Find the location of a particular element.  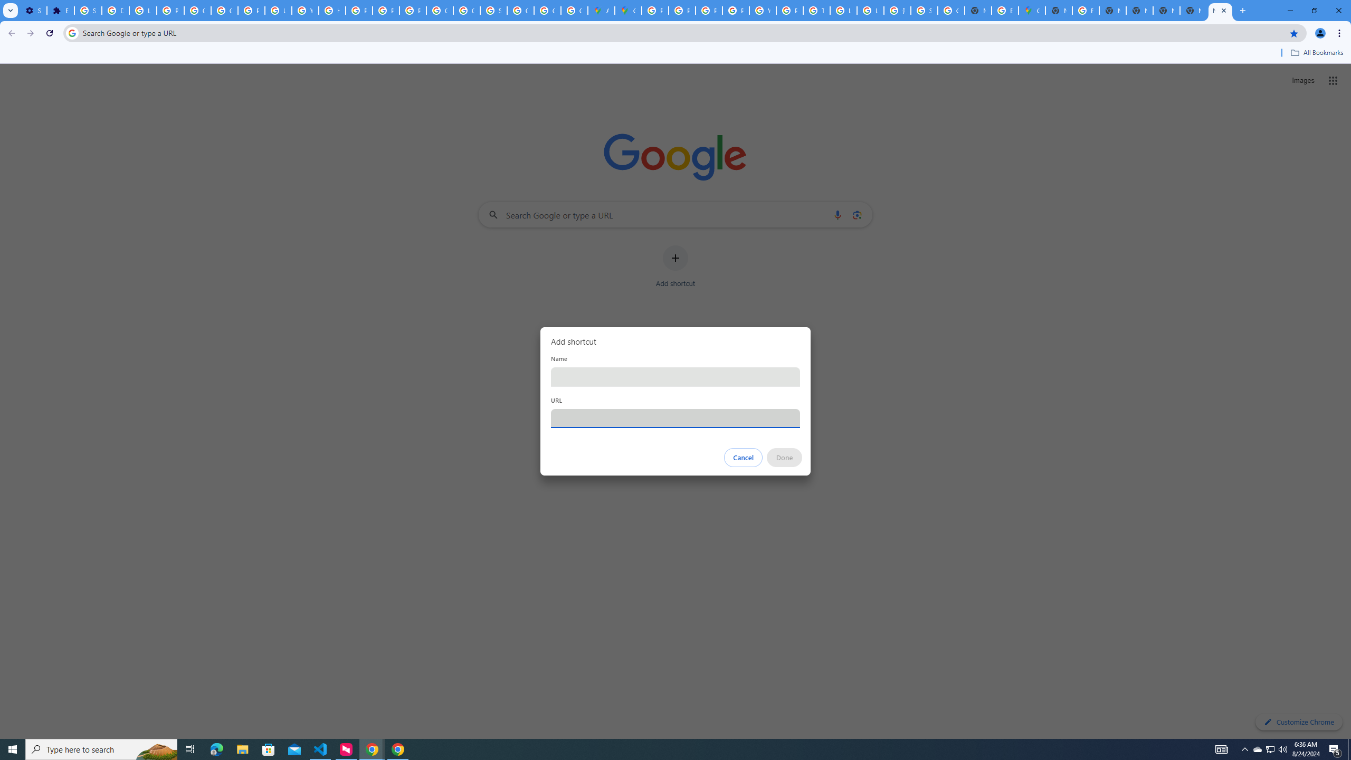

'YouTube' is located at coordinates (304, 10).